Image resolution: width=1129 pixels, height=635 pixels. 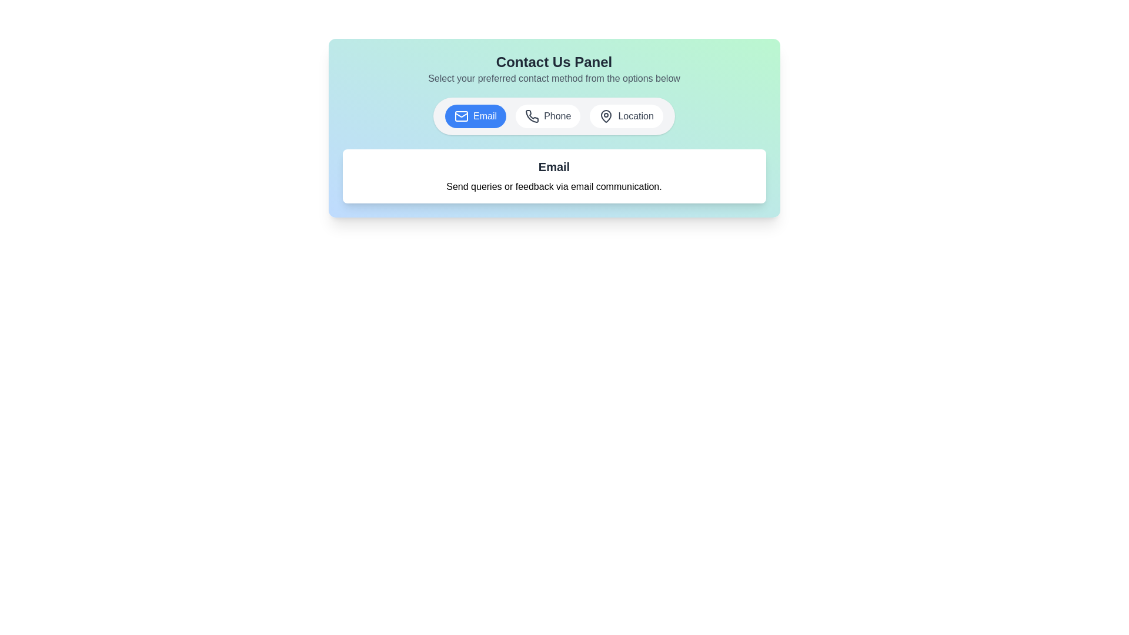 I want to click on the 'Phone' button, which is the second button from the left in a row of three buttons with rounded corners and a contrasting background color, so click(x=553, y=116).